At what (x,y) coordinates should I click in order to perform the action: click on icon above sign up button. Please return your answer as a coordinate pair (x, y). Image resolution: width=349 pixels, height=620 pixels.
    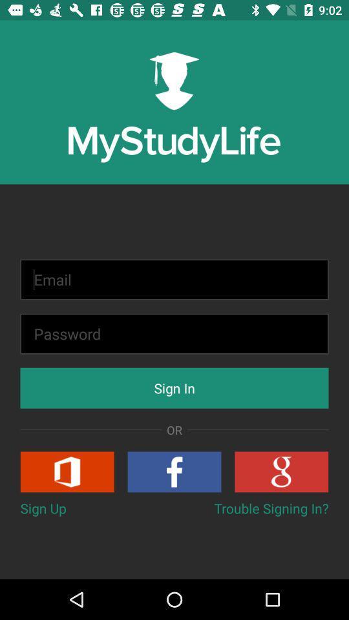
    Looking at the image, I should click on (67, 471).